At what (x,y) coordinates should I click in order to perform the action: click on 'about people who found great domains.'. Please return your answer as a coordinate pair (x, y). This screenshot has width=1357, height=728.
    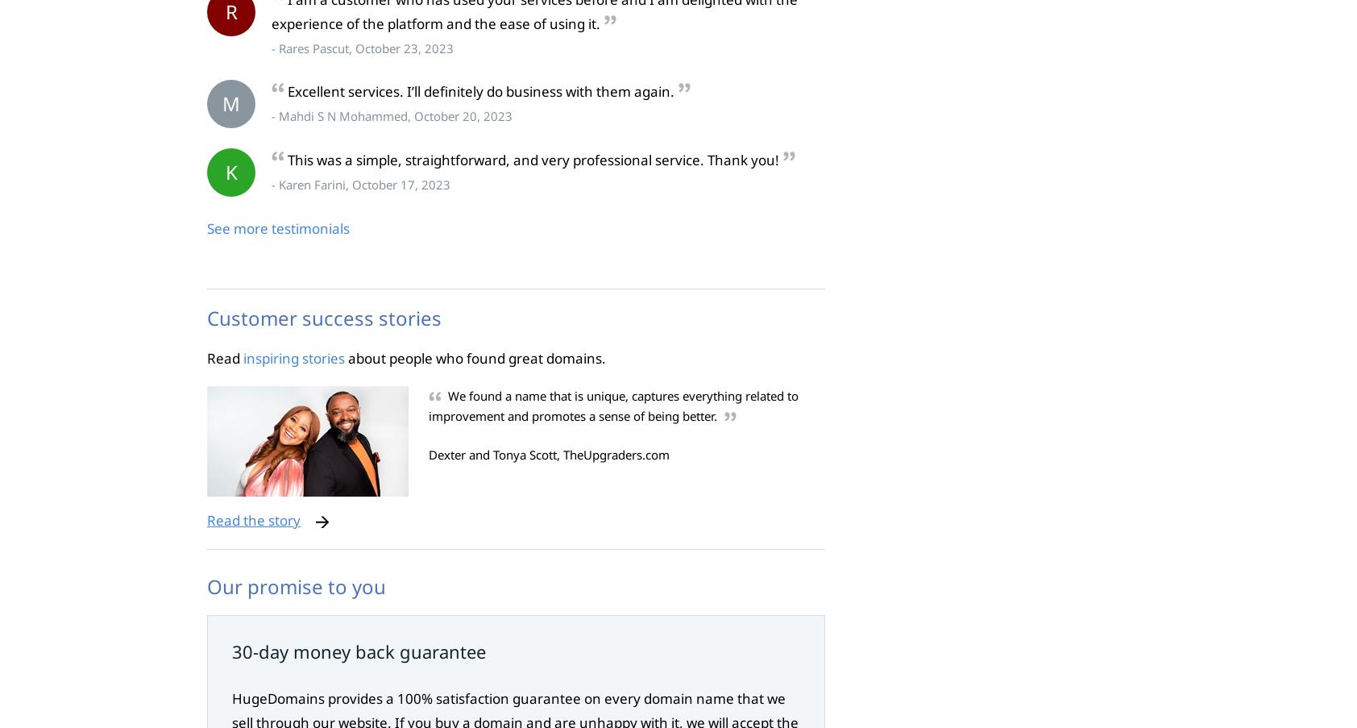
    Looking at the image, I should click on (475, 356).